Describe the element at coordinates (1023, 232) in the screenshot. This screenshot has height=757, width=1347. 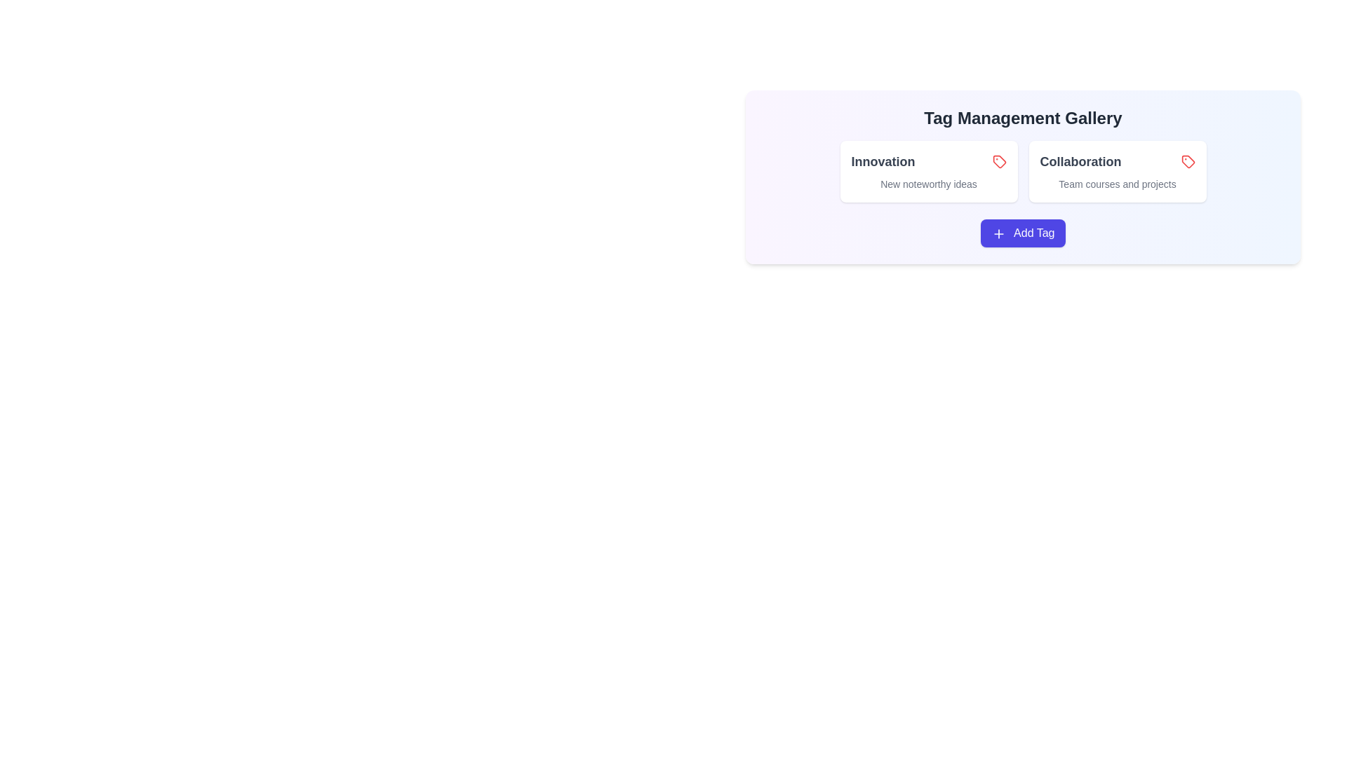
I see `the 'Add Tag' button with a blue background and white text located in the 'Tag Management Gallery' section, below the 'Innovation' and 'Collaboration' tag cards` at that location.